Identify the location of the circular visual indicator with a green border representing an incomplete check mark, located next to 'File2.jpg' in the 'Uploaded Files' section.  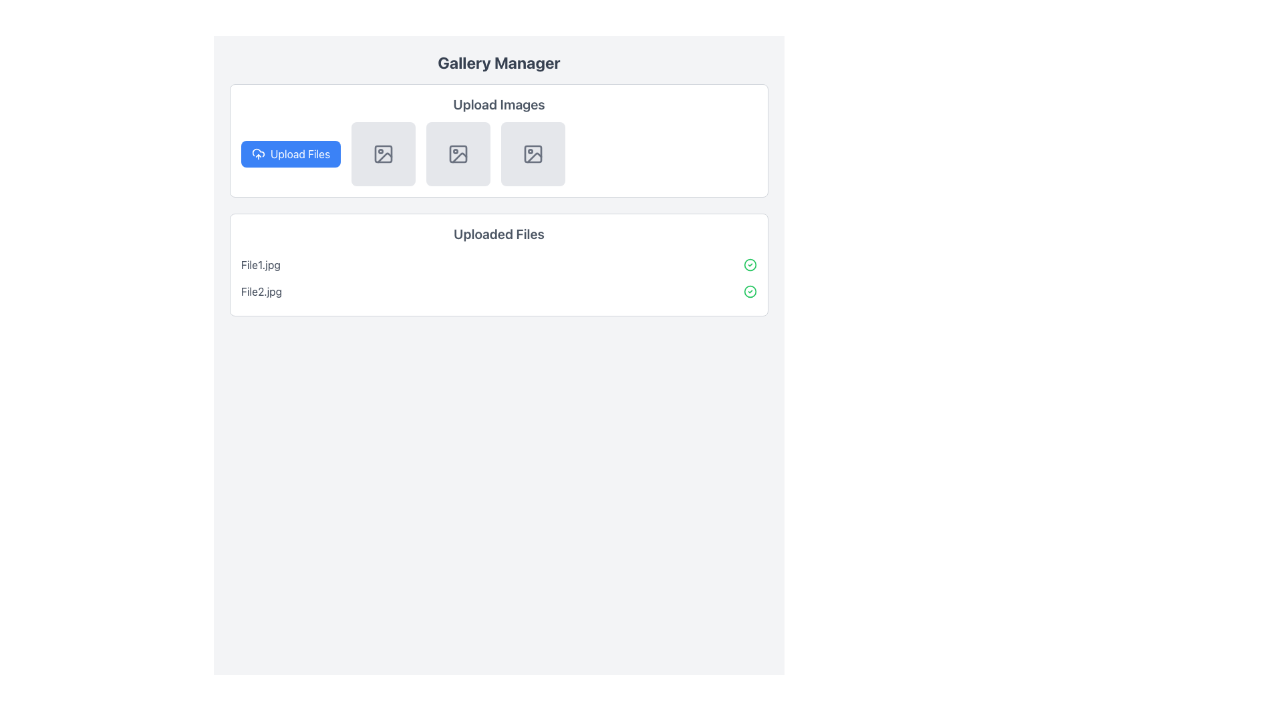
(750, 290).